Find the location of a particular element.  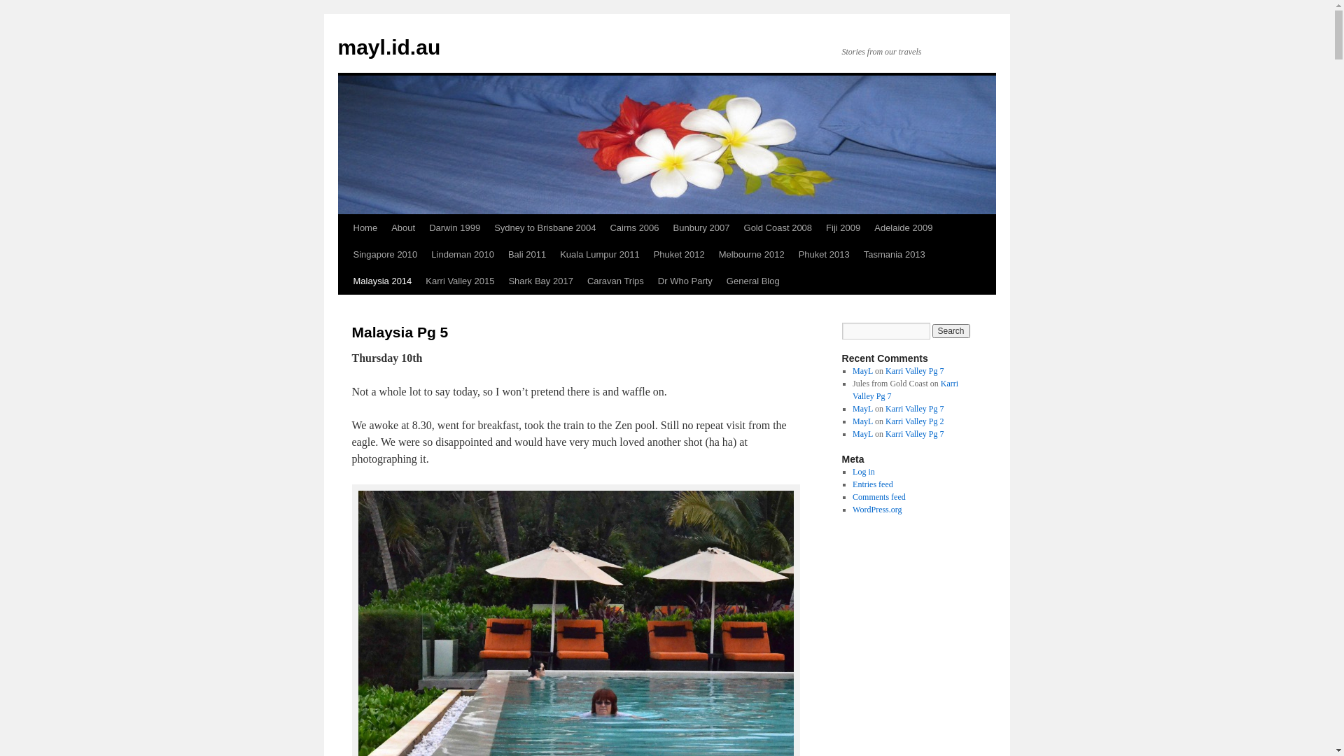

'MayL' is located at coordinates (862, 420).